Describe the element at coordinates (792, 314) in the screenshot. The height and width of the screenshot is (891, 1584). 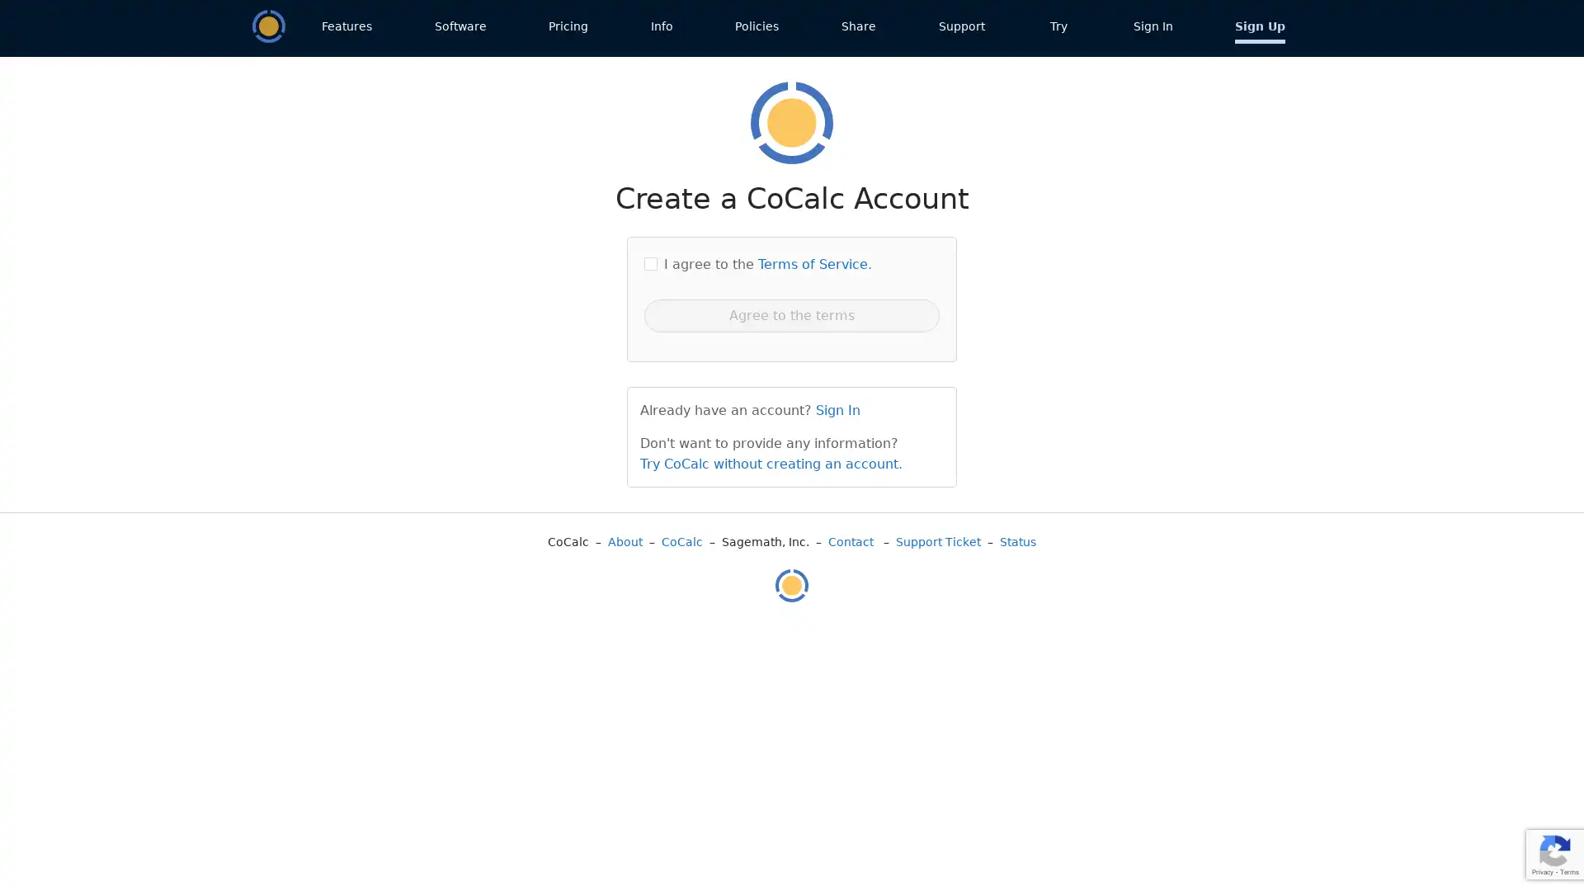
I see `Agree to the terms` at that location.